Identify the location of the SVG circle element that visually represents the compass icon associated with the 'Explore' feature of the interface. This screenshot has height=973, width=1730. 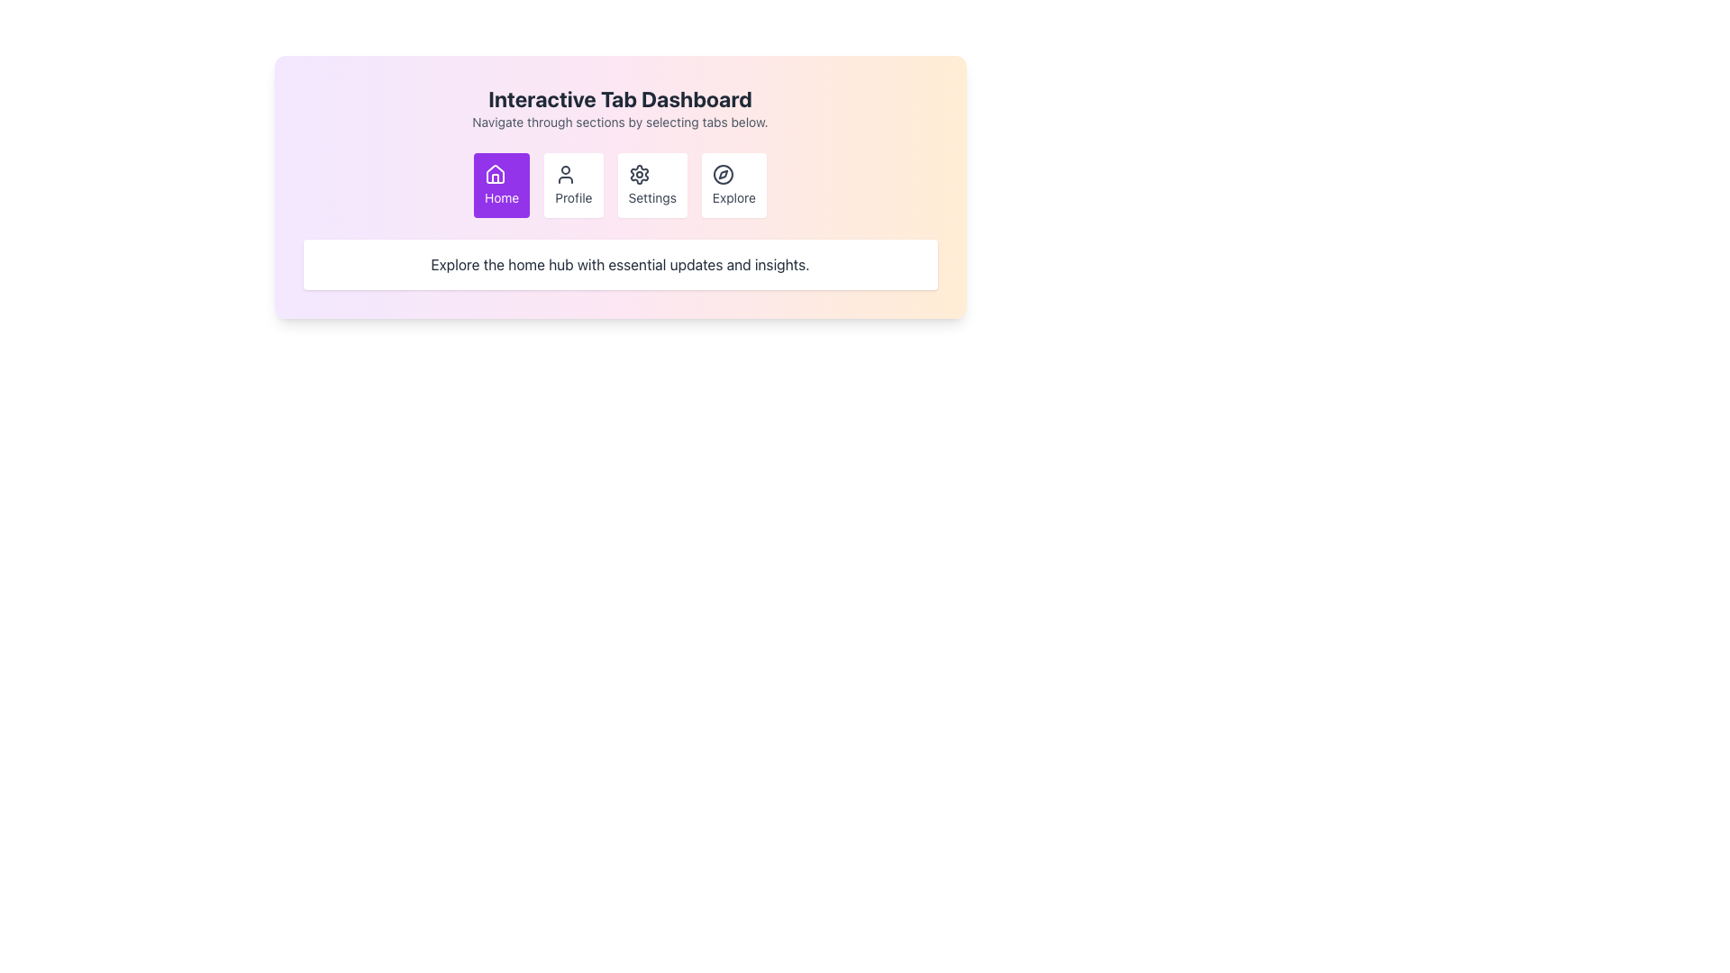
(723, 174).